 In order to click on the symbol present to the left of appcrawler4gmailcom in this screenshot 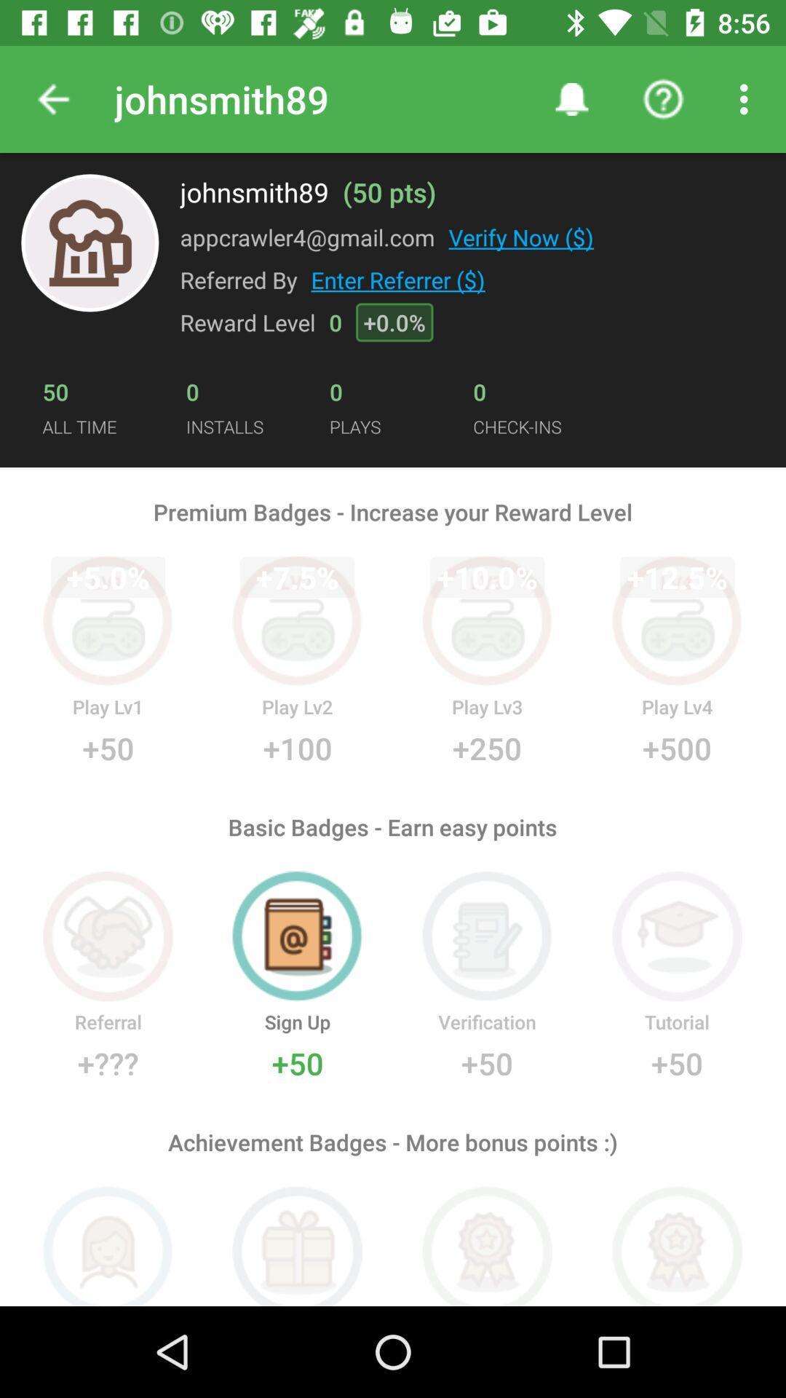, I will do `click(90, 243)`.